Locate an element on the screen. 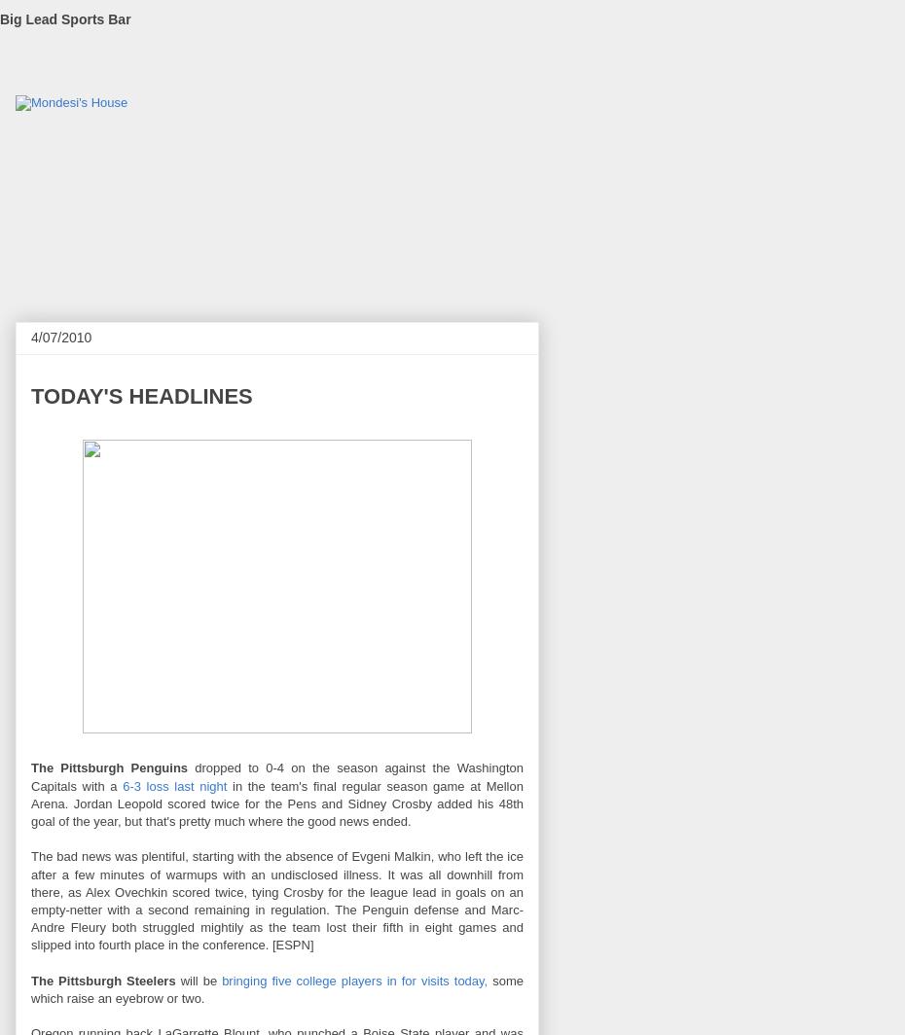  '4/07/2010' is located at coordinates (59, 337).